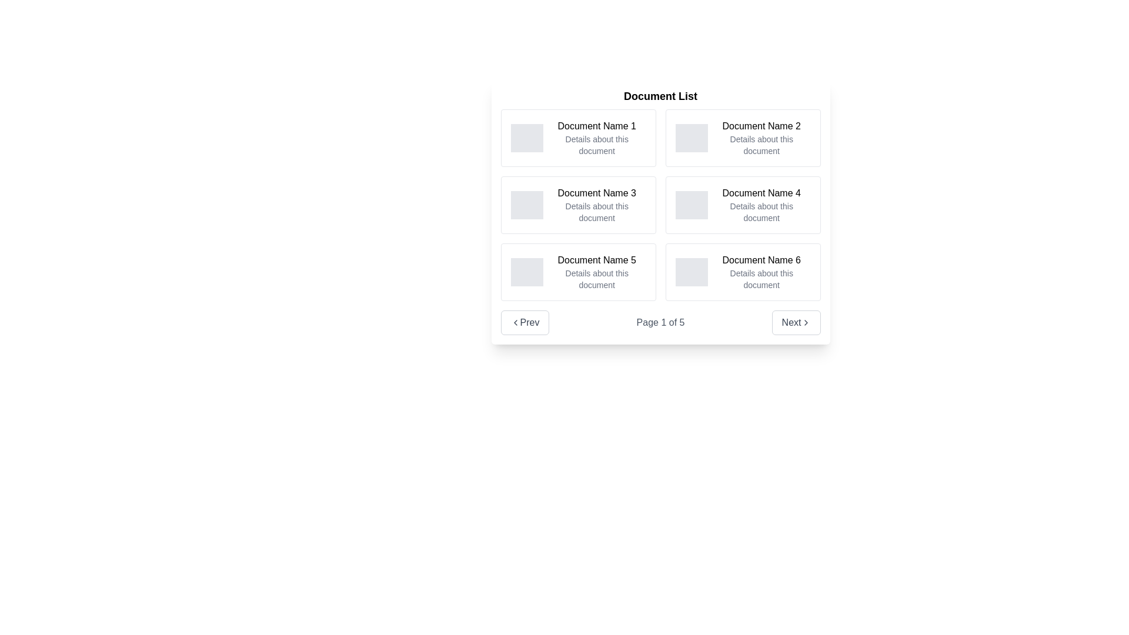 Image resolution: width=1129 pixels, height=635 pixels. What do you see at coordinates (597, 212) in the screenshot?
I see `the text label displaying 'Details about this document', which is located directly beneath 'Document Name 3' in the grid layout` at bounding box center [597, 212].